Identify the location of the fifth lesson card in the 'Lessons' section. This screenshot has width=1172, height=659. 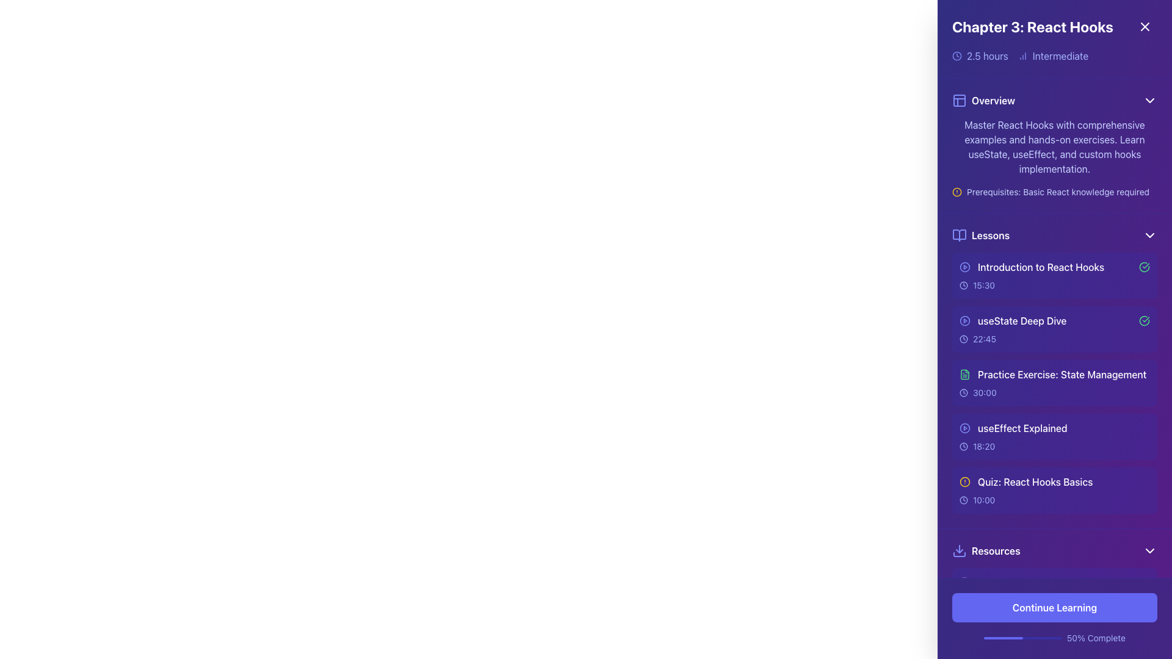
(1054, 489).